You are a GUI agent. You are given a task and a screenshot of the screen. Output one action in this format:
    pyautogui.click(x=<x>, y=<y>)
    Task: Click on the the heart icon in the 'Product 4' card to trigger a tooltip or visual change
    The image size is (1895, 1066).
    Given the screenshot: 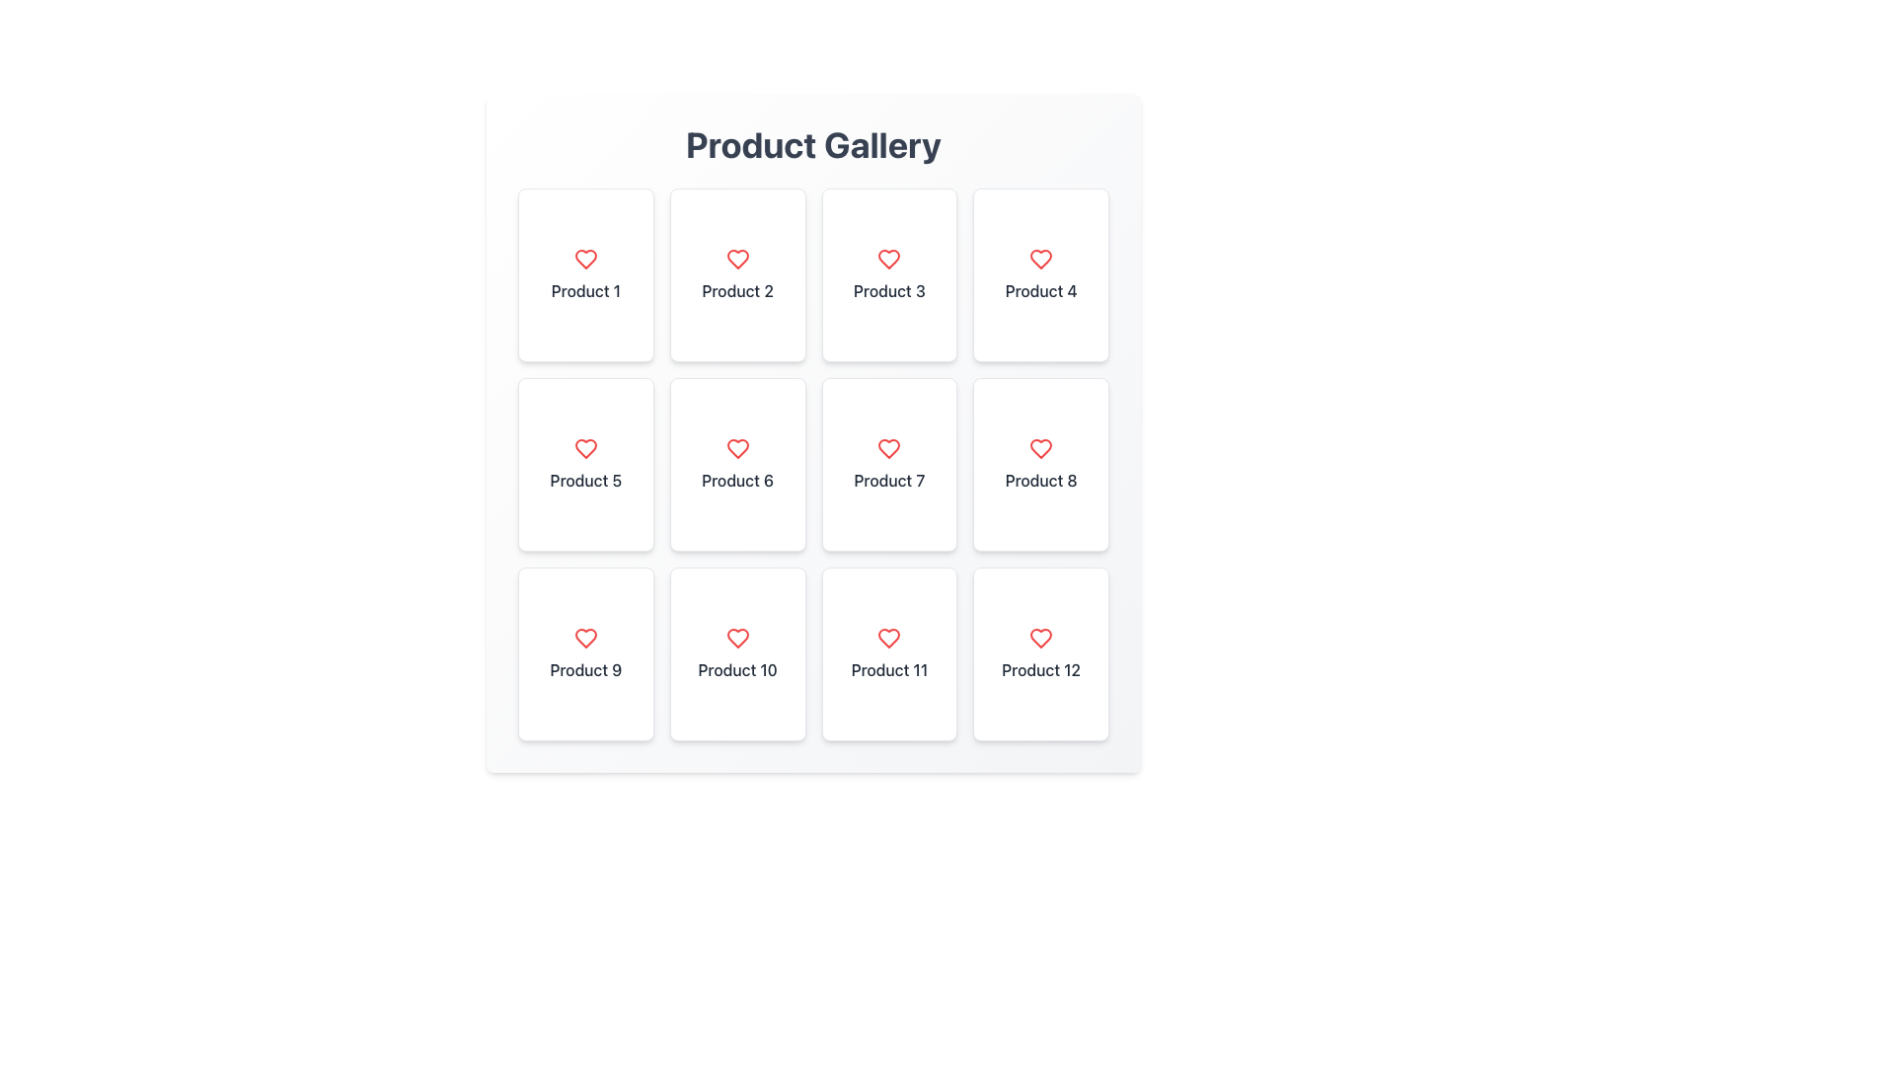 What is the action you would take?
    pyautogui.click(x=1040, y=258)
    